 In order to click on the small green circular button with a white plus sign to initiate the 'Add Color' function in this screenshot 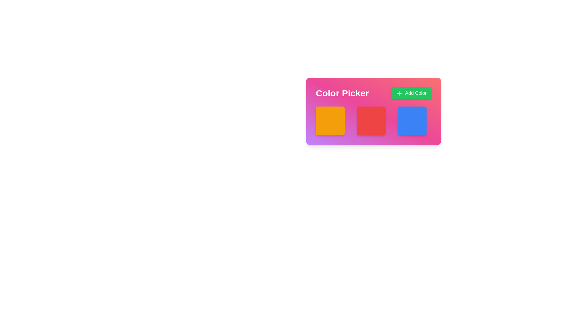, I will do `click(399, 93)`.